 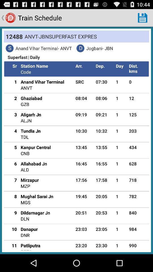 I want to click on the icon below the anvt icon, so click(x=31, y=98).